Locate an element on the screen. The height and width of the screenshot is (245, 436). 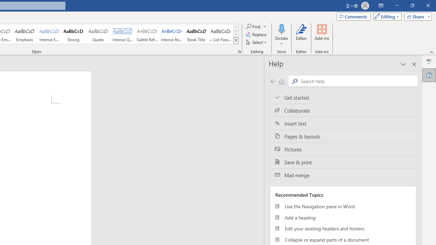
'Book Title' is located at coordinates (196, 34).